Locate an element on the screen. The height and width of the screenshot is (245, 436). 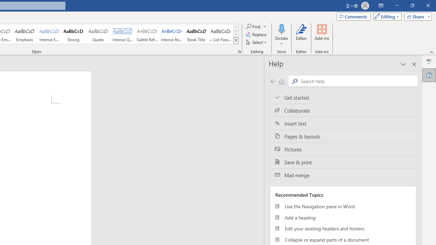
'Book Title' is located at coordinates (196, 34).